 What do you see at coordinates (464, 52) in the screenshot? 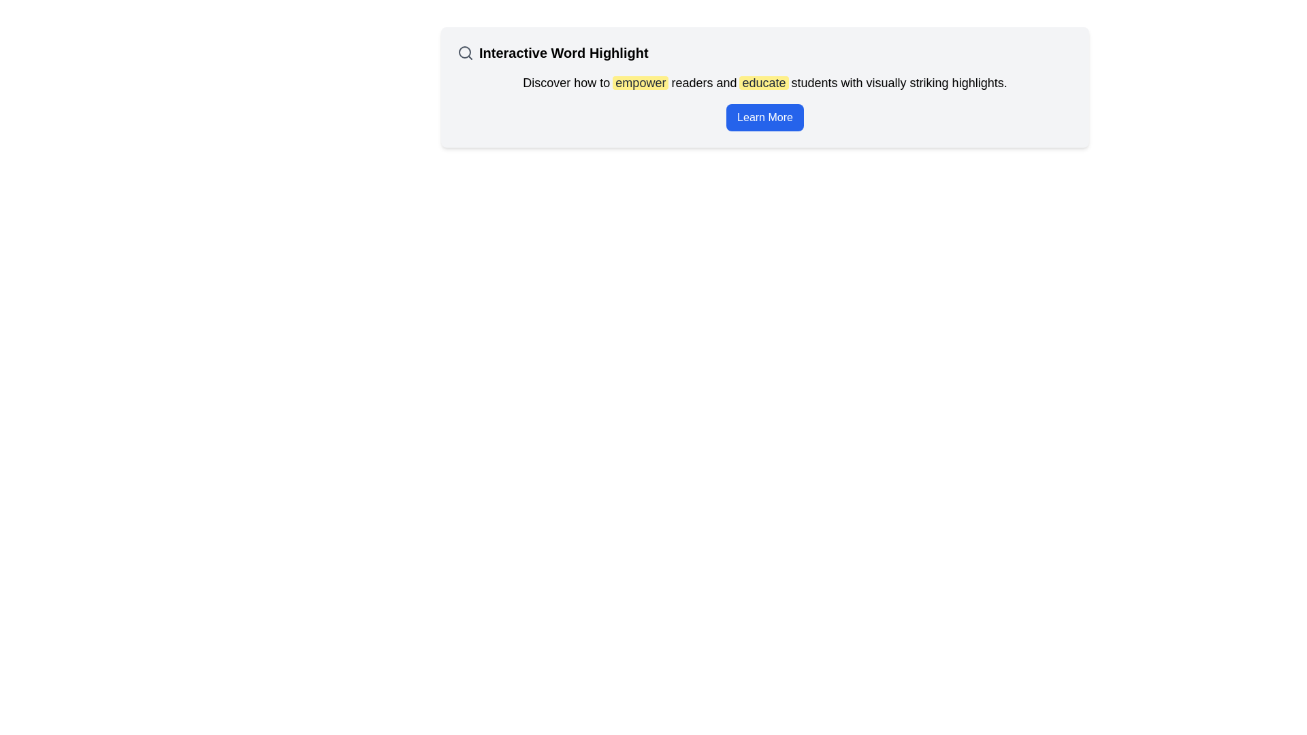
I see `the SVG circle element located at the top-left corner of the SVG component within the section labeled 'Interactive Word Highlight'` at bounding box center [464, 52].